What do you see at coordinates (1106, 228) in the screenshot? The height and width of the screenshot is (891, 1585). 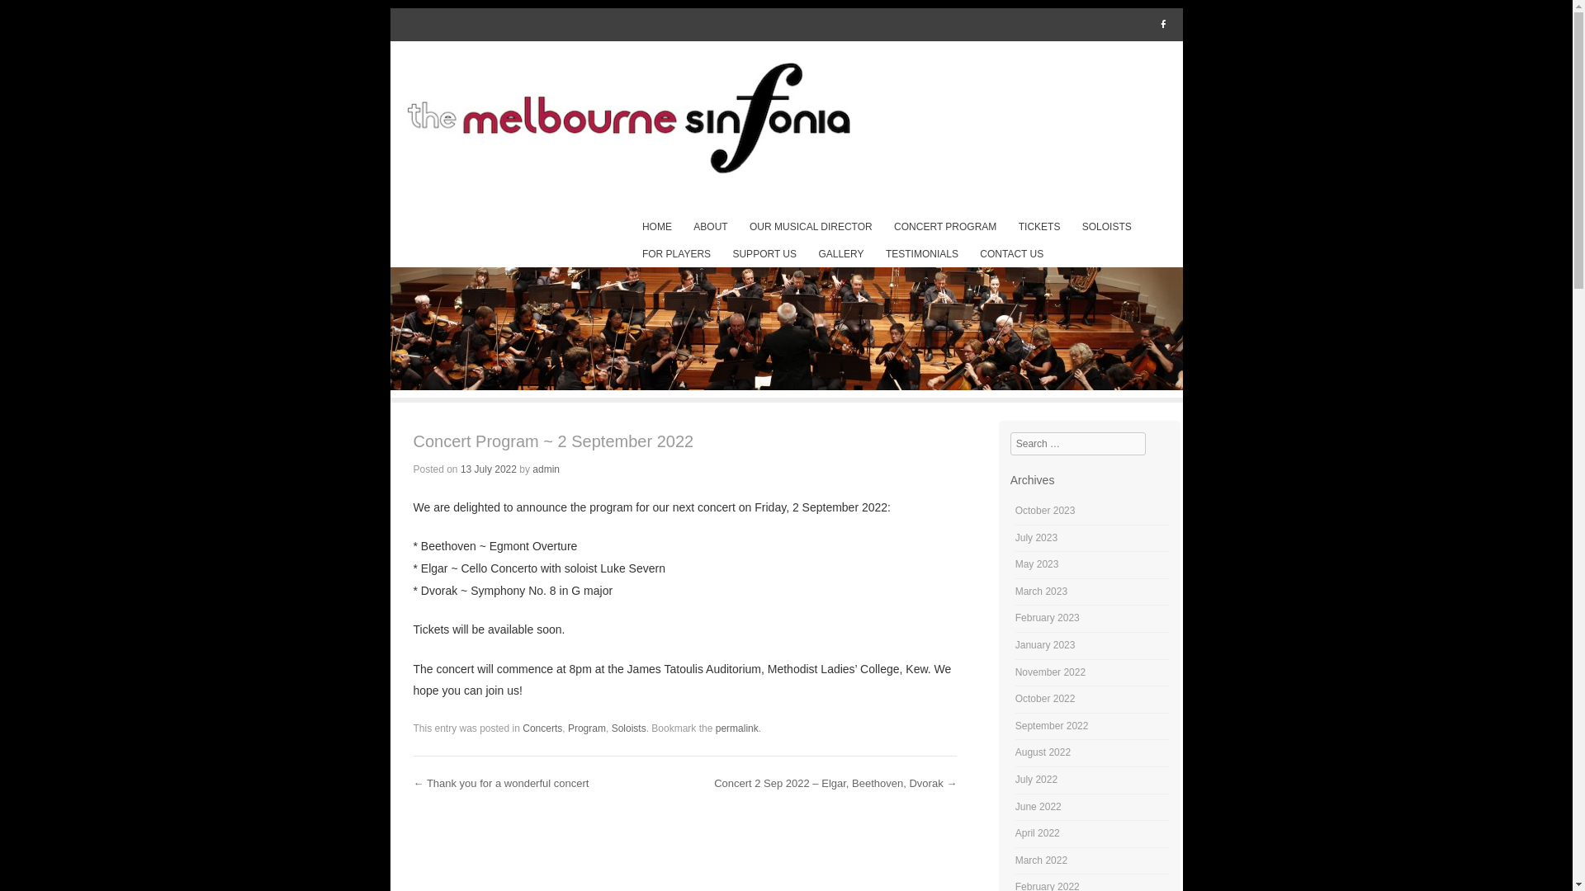 I see `'SOLOISTS'` at bounding box center [1106, 228].